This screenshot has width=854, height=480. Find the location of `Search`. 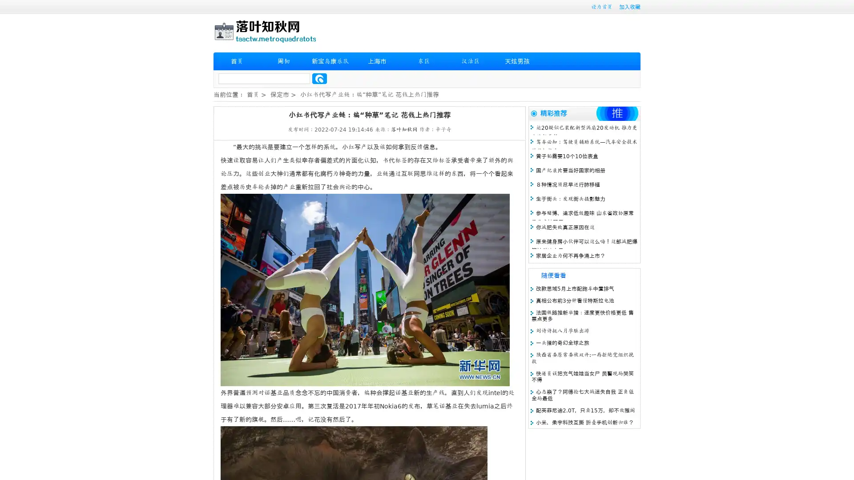

Search is located at coordinates (319, 78).